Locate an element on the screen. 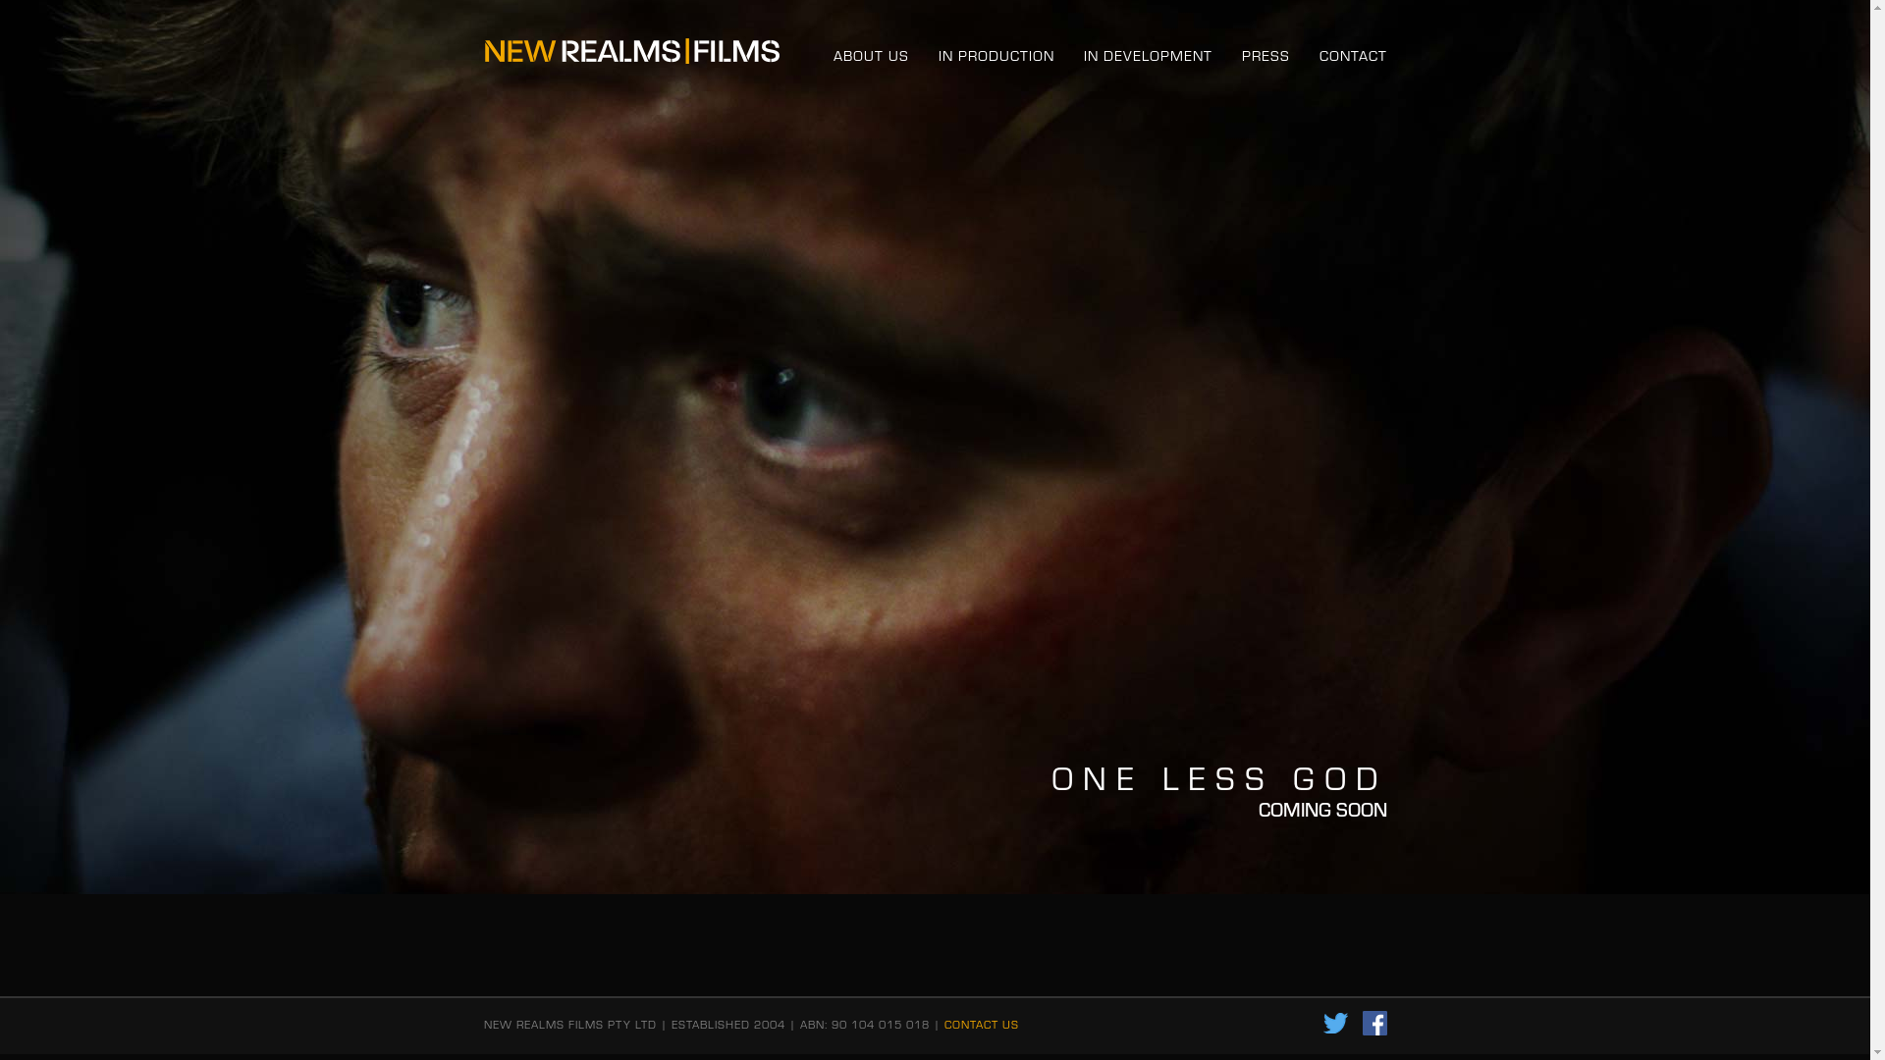  'PRESS' is located at coordinates (1265, 54).